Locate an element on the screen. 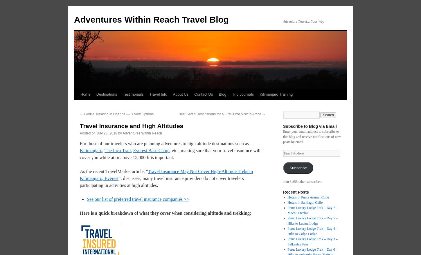 The width and height of the screenshot is (421, 255). 'July 26, 2018' is located at coordinates (106, 133).